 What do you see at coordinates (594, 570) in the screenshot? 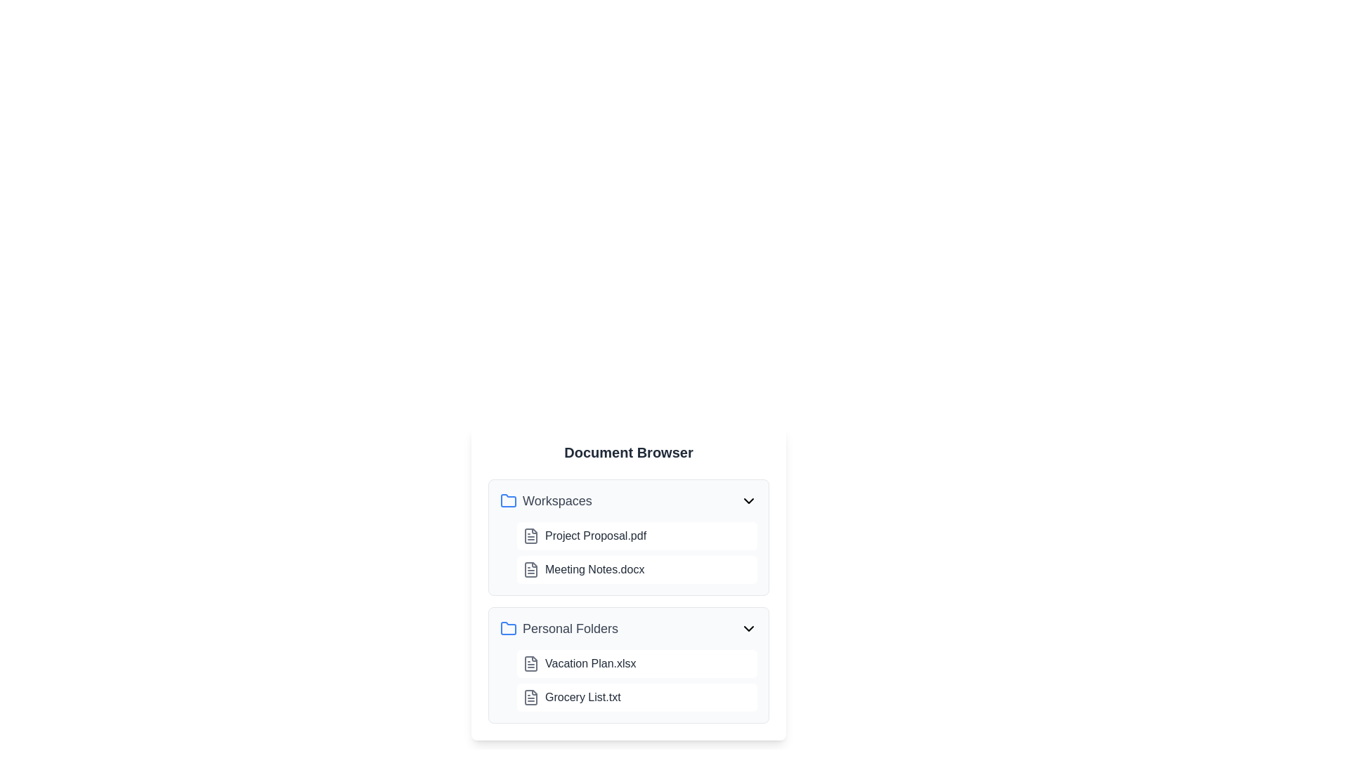
I see `the text label for the document named 'Meeting Notes.docx' located in the second position of the vertical list under the 'Workspaces' section of the 'Document Browser'` at bounding box center [594, 570].